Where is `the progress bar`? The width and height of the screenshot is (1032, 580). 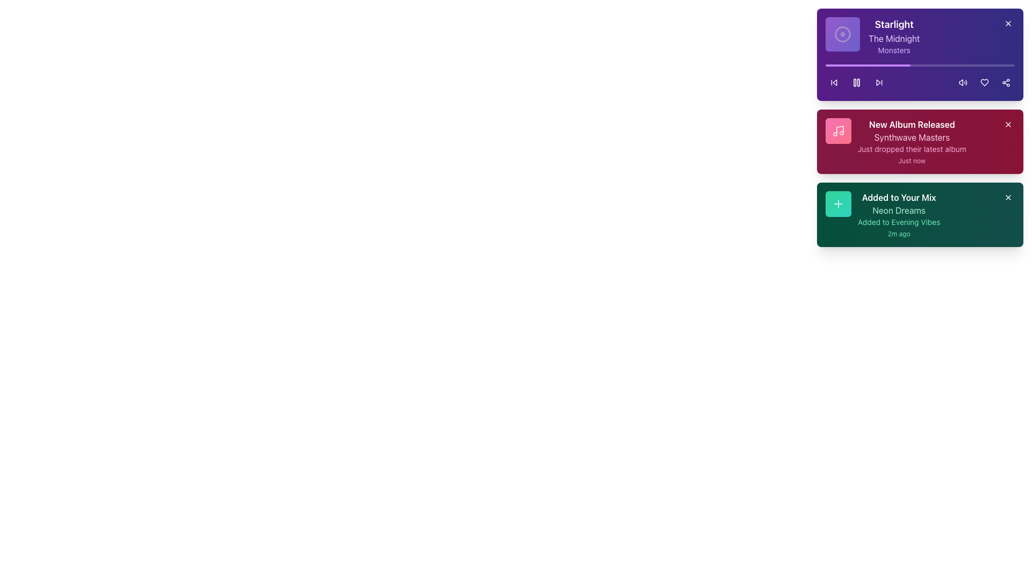 the progress bar is located at coordinates (860, 66).